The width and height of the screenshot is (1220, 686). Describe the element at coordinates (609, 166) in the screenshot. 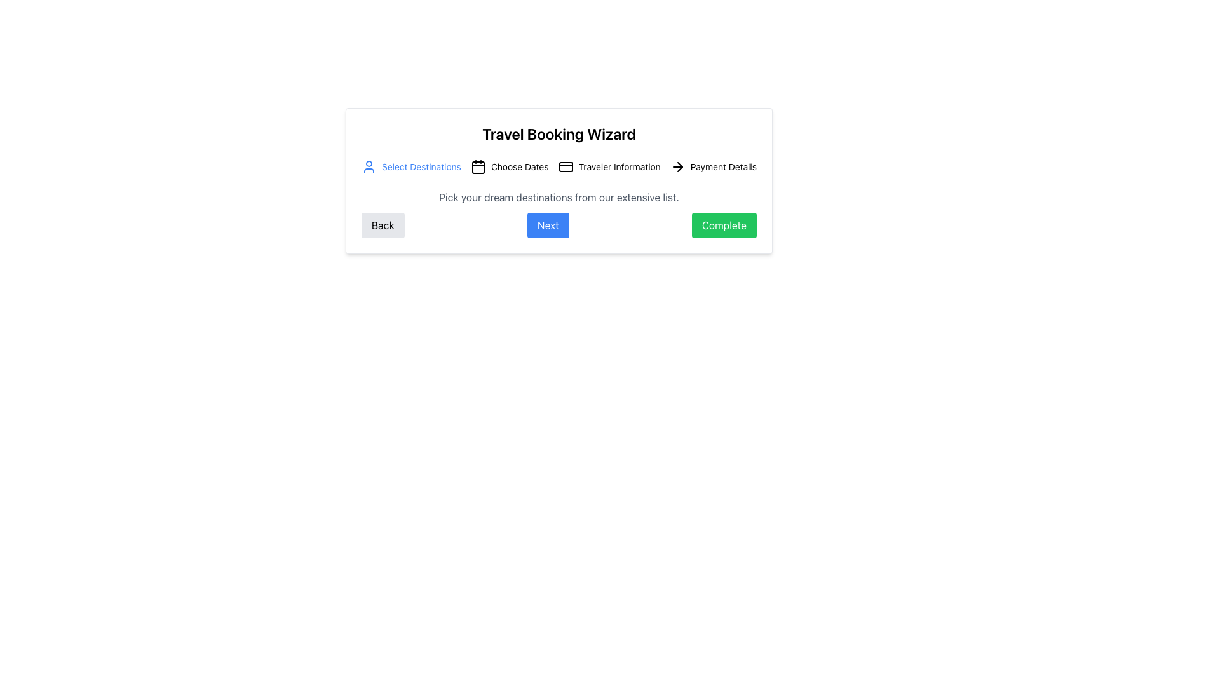

I see `the Navigation item that provides access to the 'Traveler Information' section, which is positioned third in the horizontal navigation bar` at that location.